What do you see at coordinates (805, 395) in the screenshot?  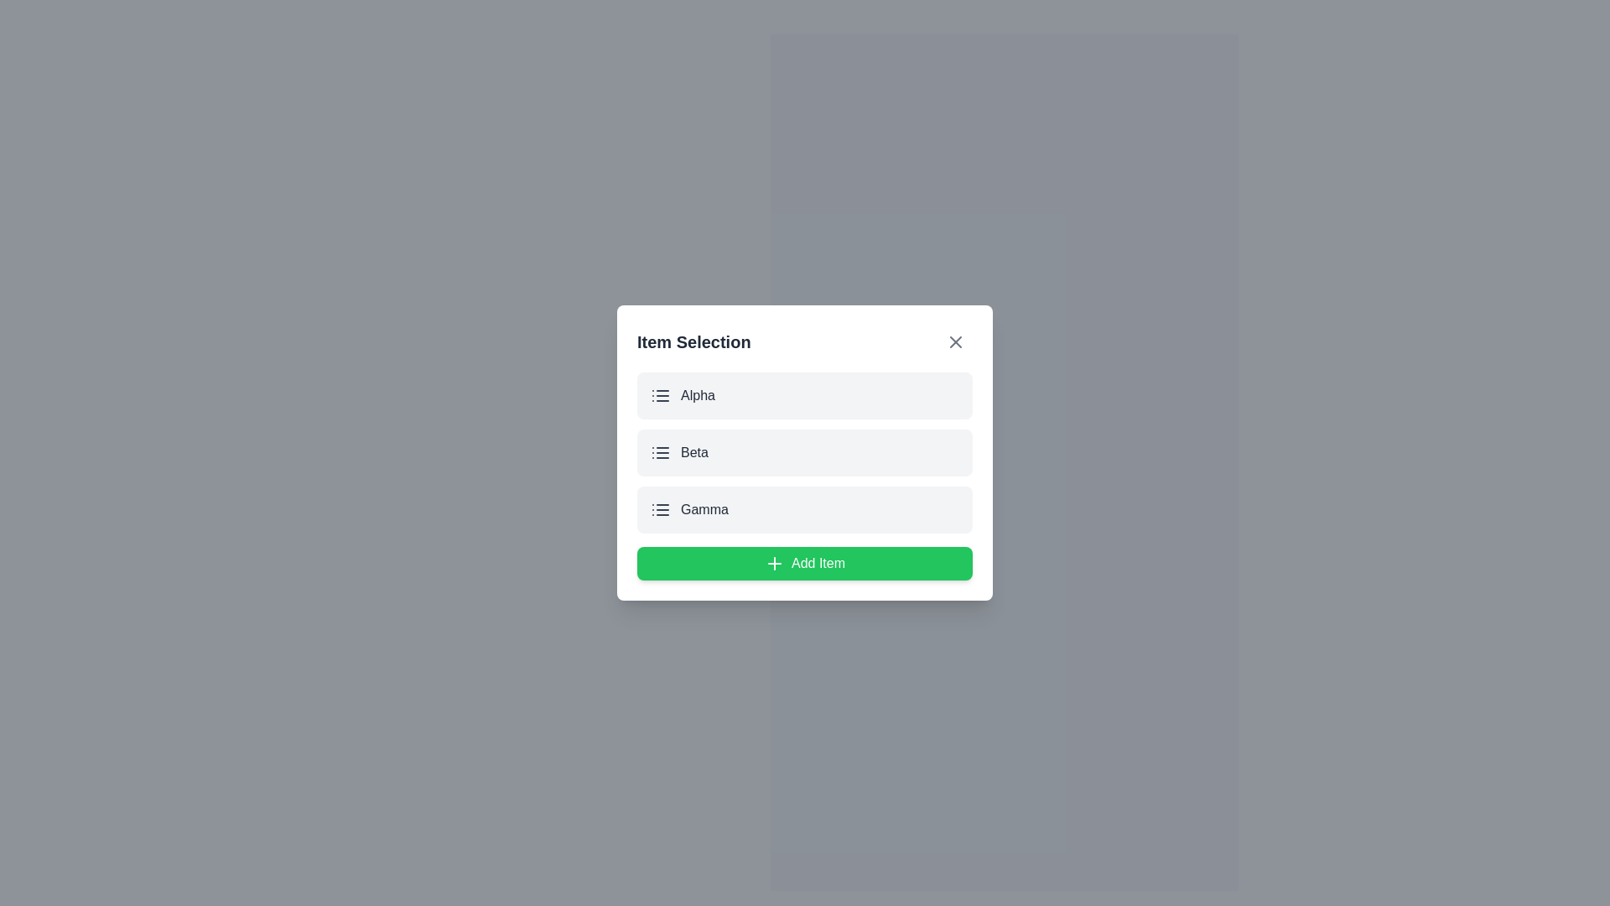 I see `the list item Alpha` at bounding box center [805, 395].